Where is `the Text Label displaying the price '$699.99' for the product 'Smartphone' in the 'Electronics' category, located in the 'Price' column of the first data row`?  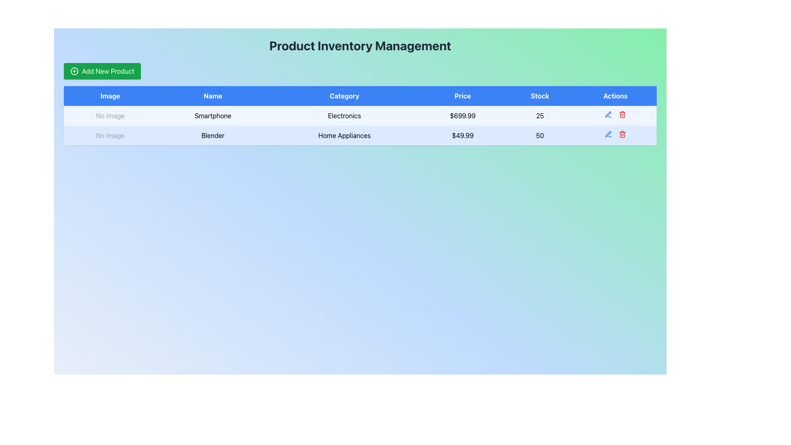
the Text Label displaying the price '$699.99' for the product 'Smartphone' in the 'Electronics' category, located in the 'Price' column of the first data row is located at coordinates (463, 116).